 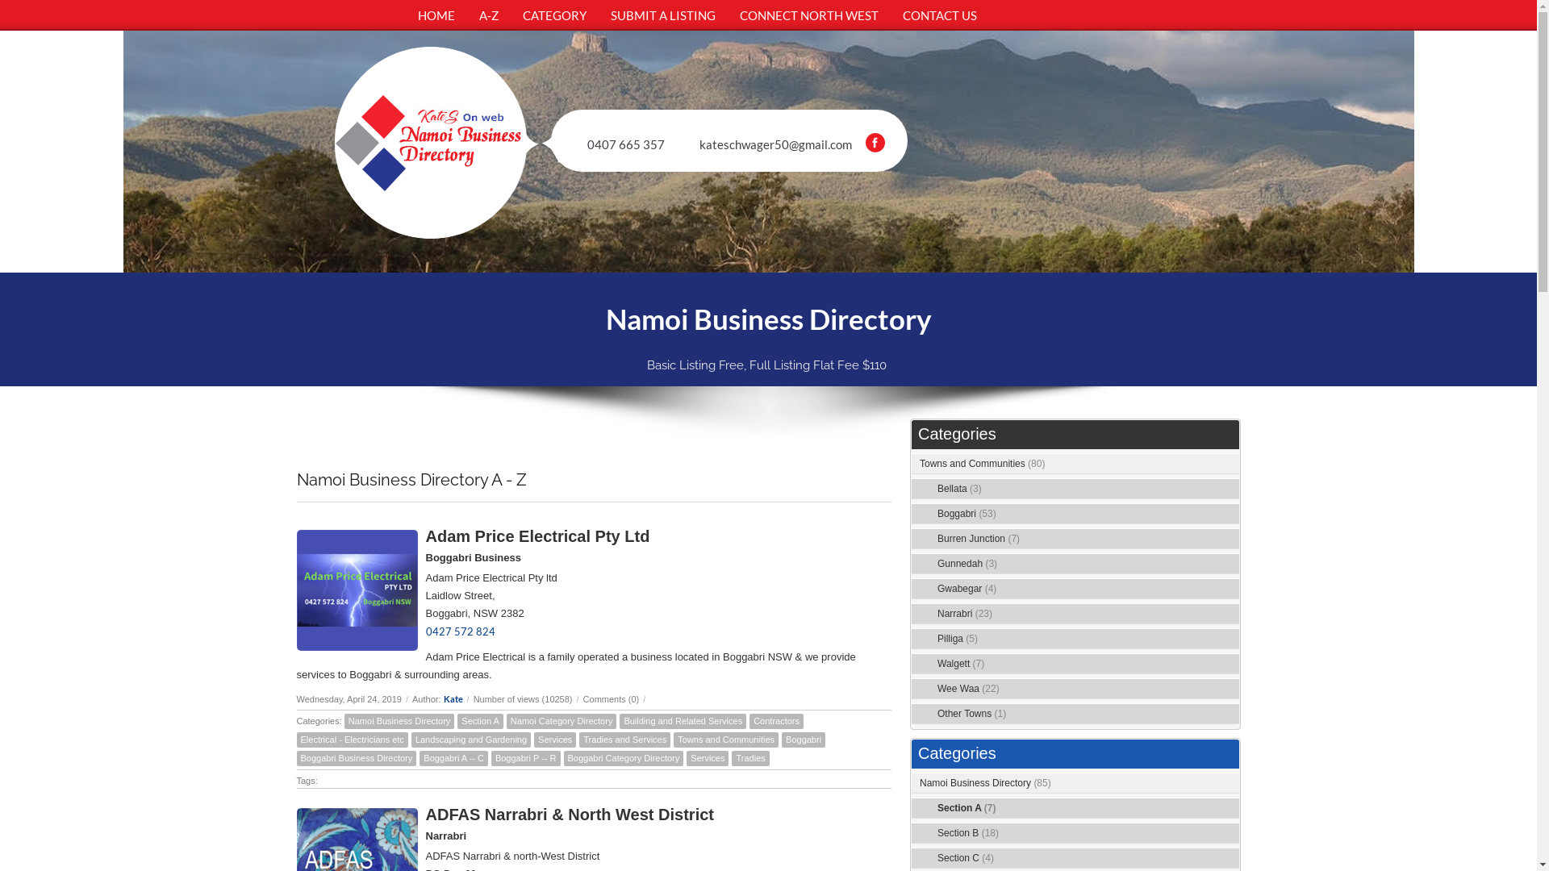 What do you see at coordinates (776, 720) in the screenshot?
I see `'Contractors'` at bounding box center [776, 720].